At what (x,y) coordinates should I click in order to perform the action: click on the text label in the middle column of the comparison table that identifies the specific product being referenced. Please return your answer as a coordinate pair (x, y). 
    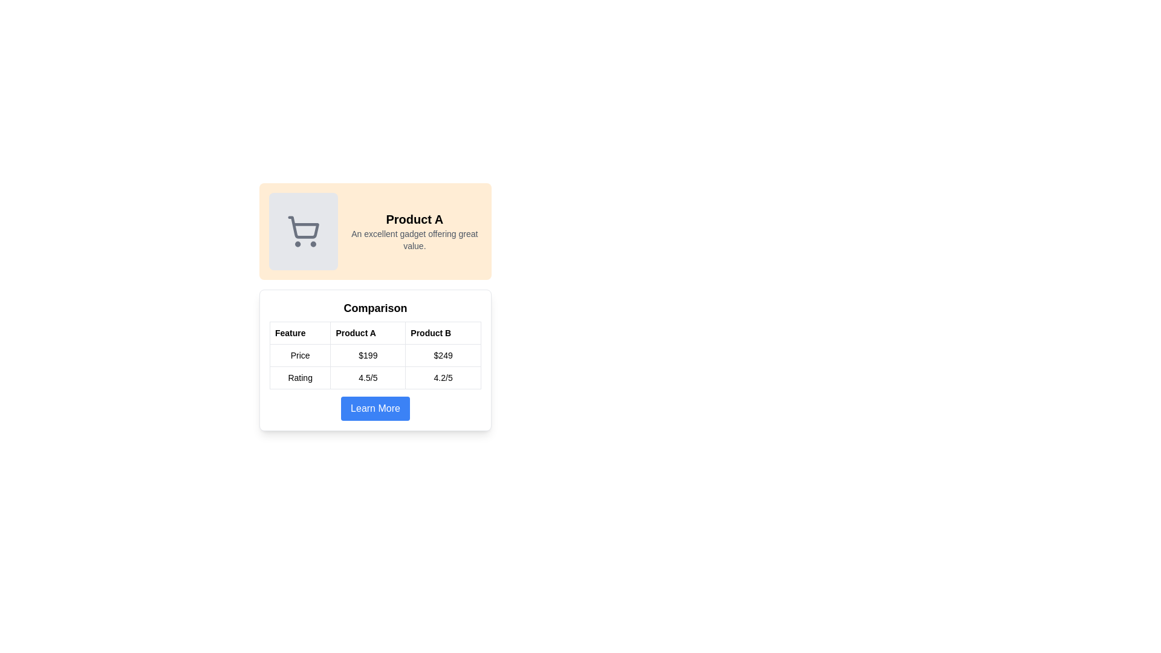
    Looking at the image, I should click on (367, 333).